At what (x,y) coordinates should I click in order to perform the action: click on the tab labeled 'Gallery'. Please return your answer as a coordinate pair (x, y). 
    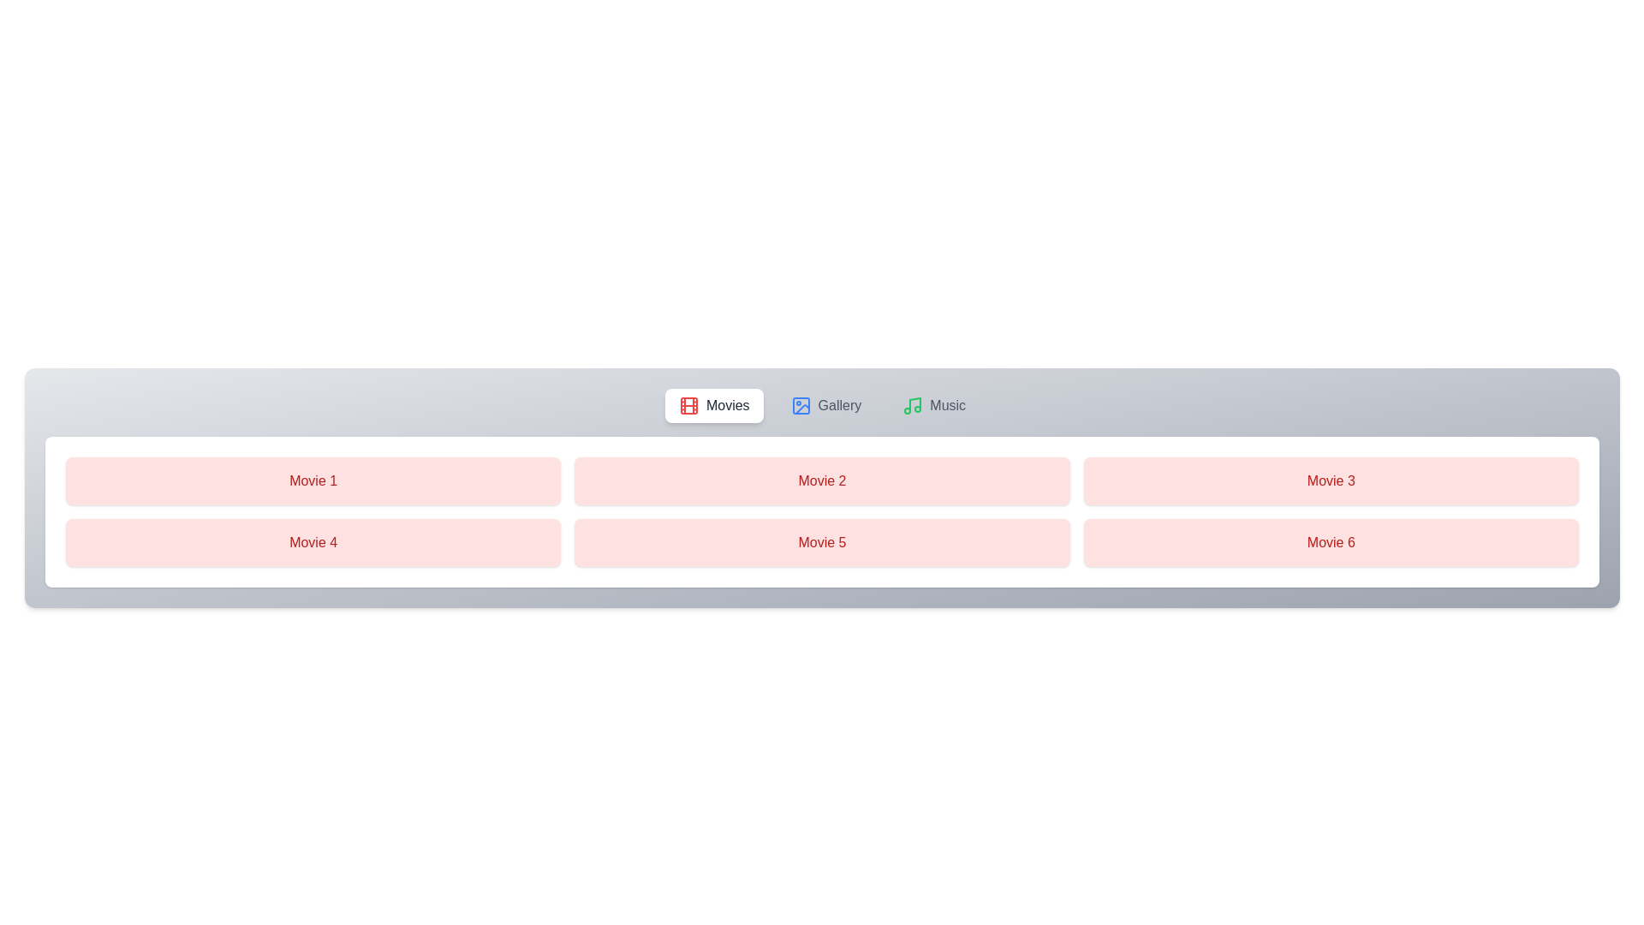
    Looking at the image, I should click on (825, 406).